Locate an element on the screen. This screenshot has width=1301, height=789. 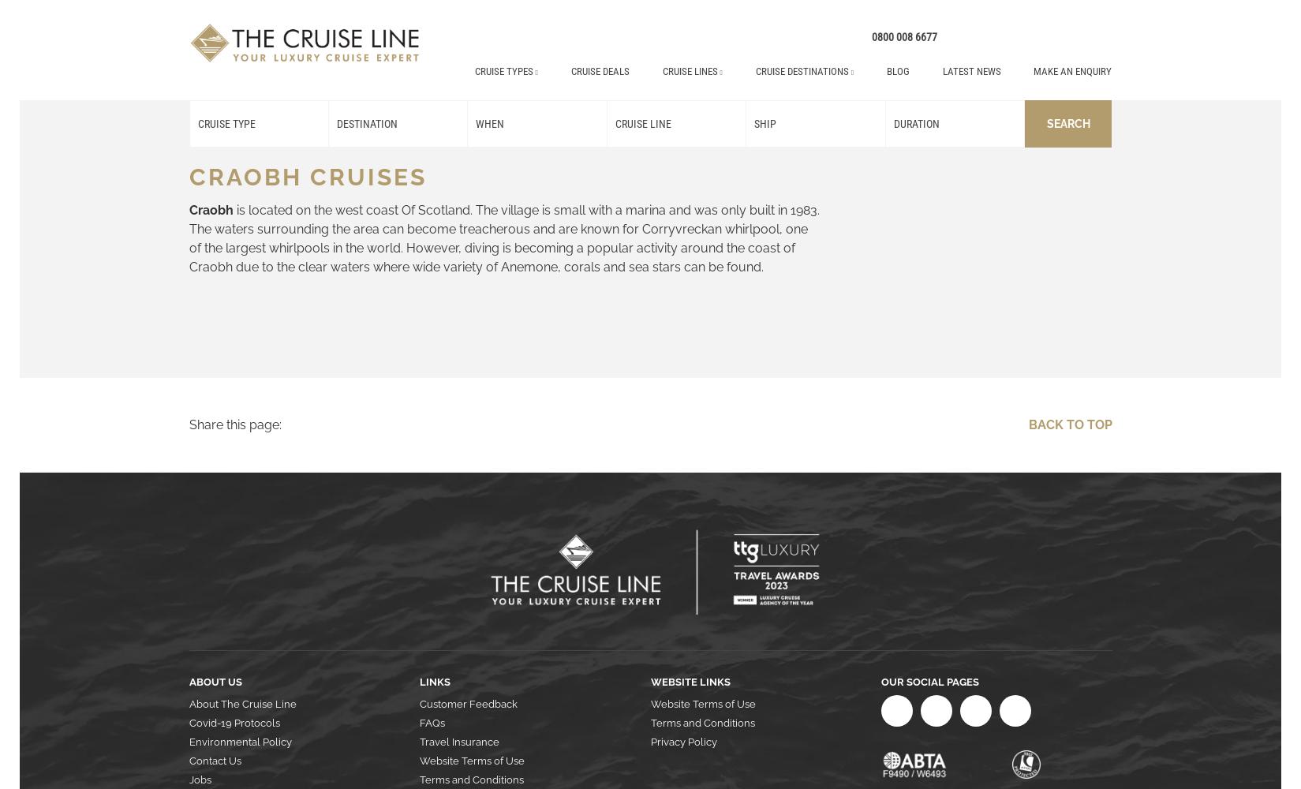
'Enter your details below or call us on 0800 008 6677' is located at coordinates (647, 529).